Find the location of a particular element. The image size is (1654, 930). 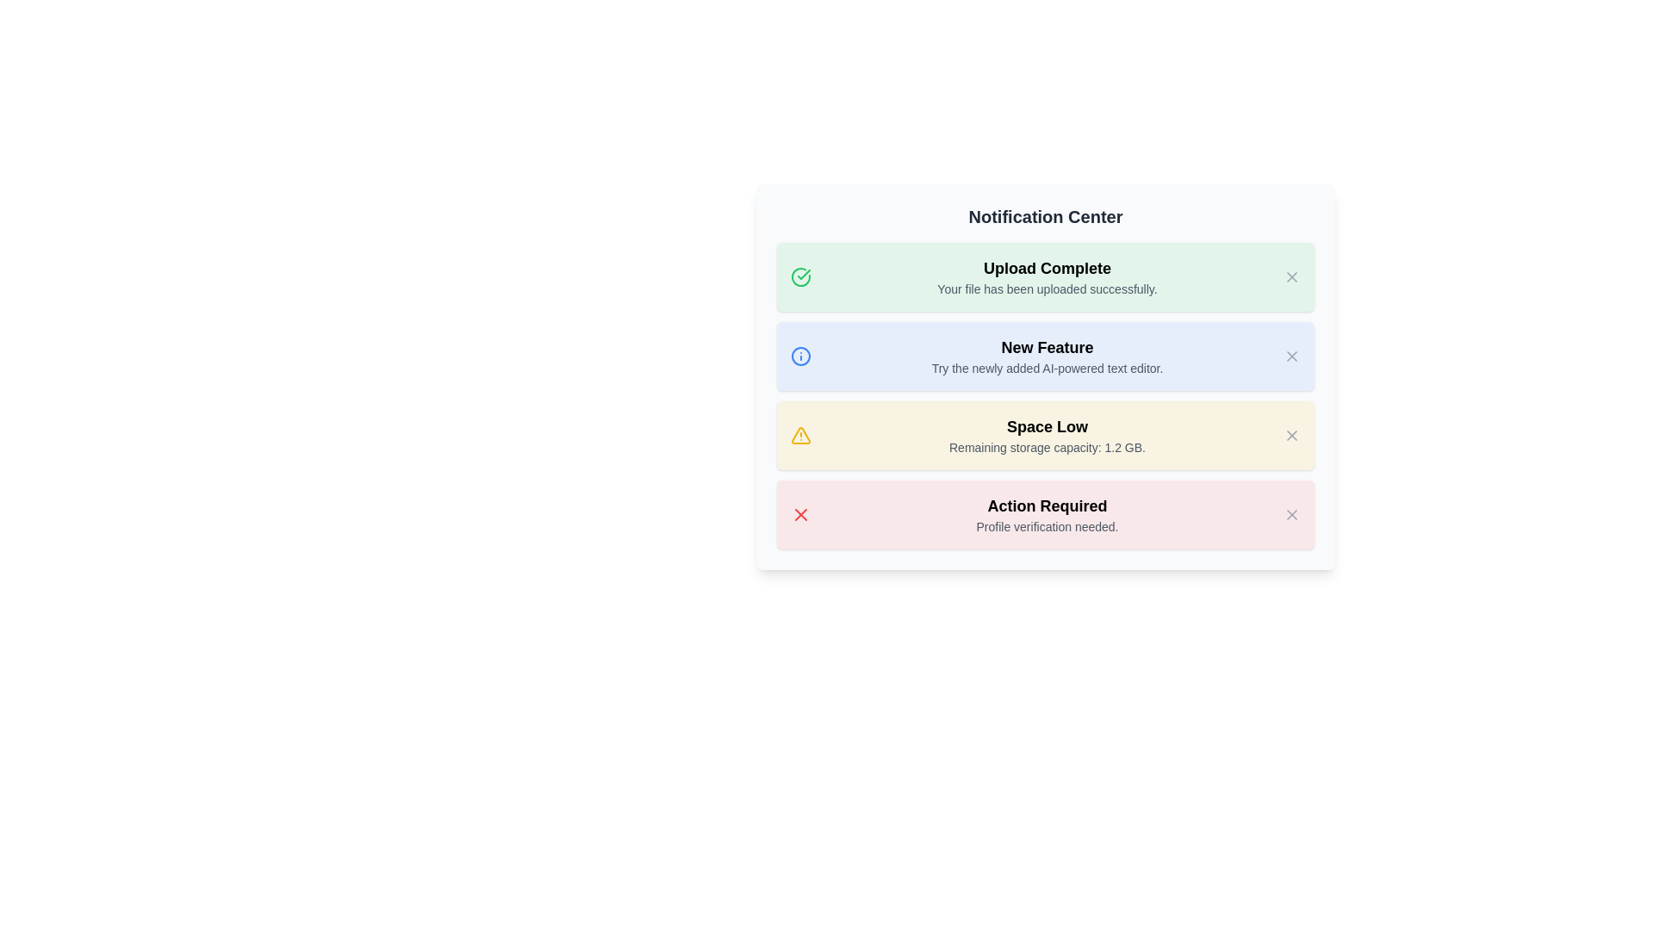

text content of the header Text Label located at the top of the notification section, which provides context for the items listed underneath is located at coordinates (1045, 215).